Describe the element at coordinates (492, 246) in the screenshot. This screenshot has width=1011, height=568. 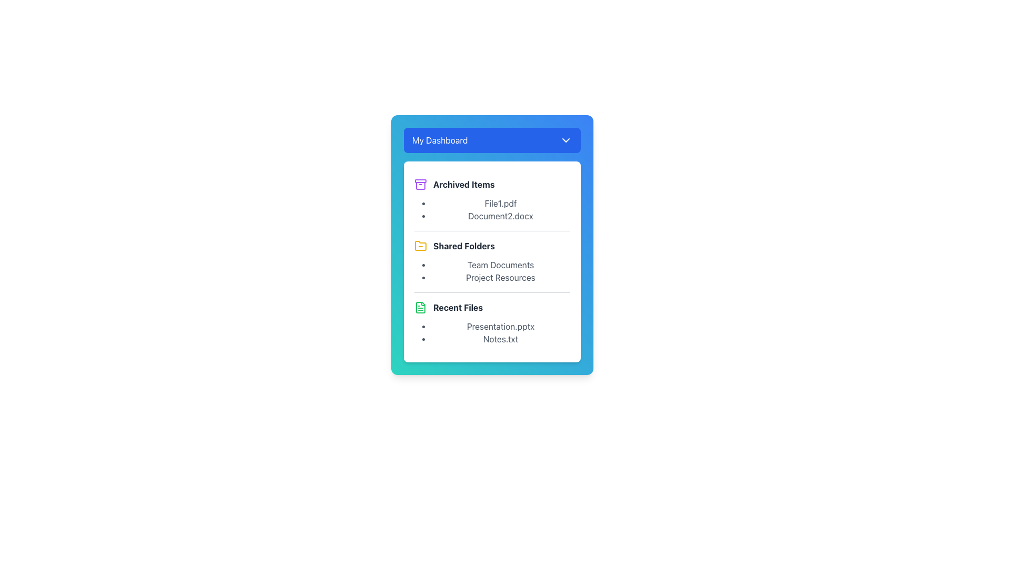
I see `the header label for managing shared folders, located under 'Archived Items' and above 'Team Documents' in the left panel` at that location.